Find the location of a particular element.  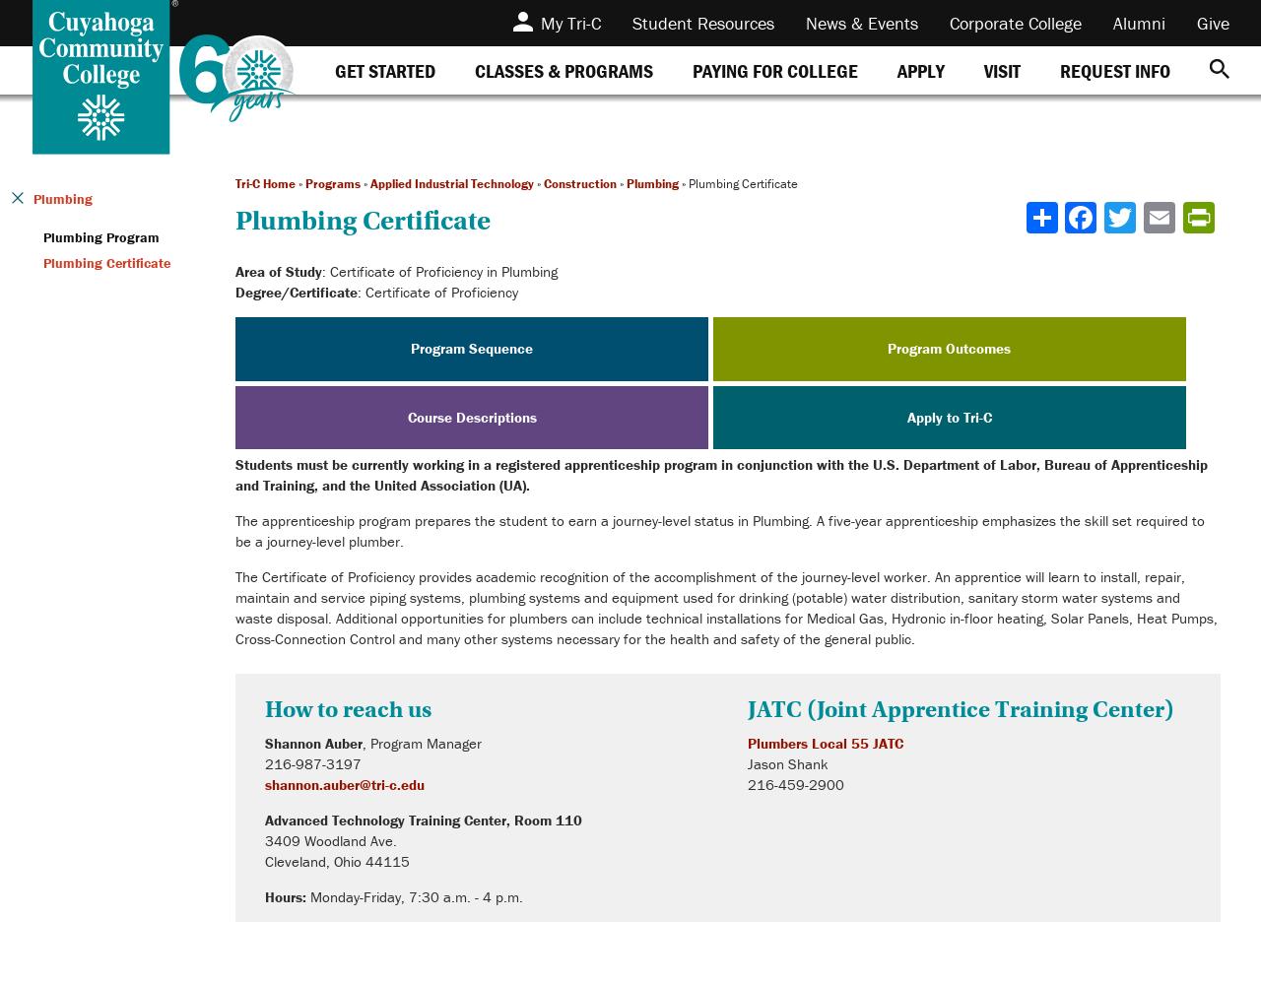

'Give' is located at coordinates (1212, 23).